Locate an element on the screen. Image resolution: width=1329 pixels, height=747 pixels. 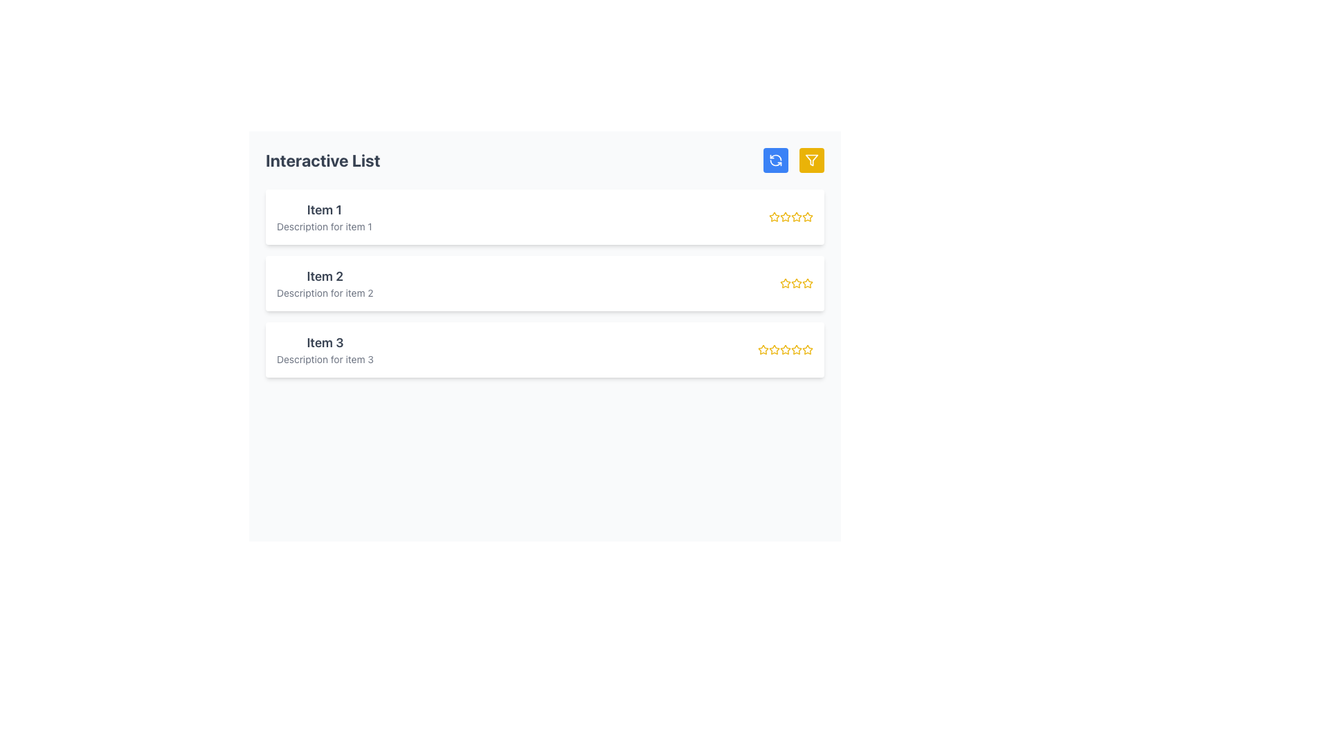
the text label that reads 'Item 2', which is styled in bold, larger font and located in the middle of a card layout, positioned above the description text 'Description for item 2' is located at coordinates (324, 277).